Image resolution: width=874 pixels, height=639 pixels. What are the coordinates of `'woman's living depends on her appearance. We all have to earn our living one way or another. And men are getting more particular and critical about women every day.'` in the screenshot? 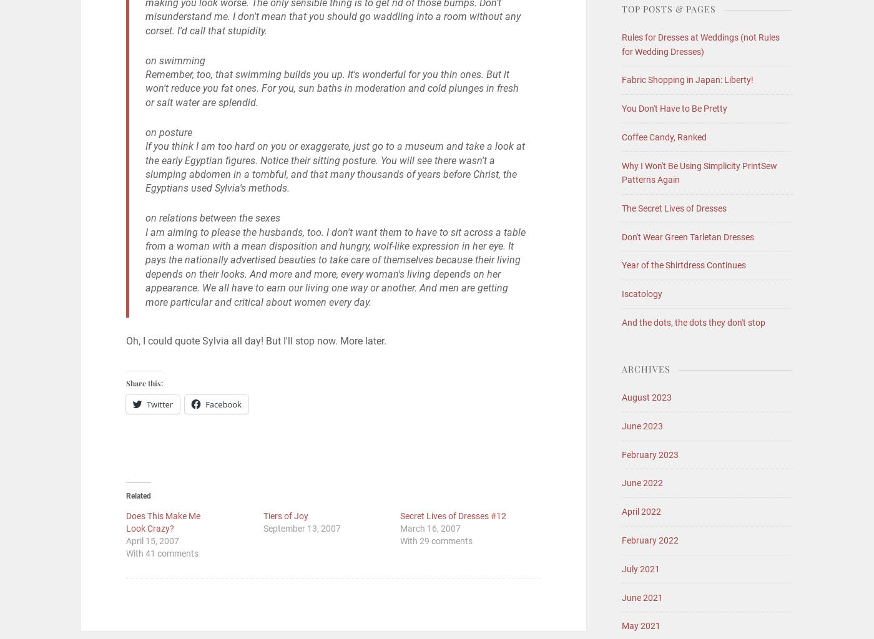 It's located at (326, 288).